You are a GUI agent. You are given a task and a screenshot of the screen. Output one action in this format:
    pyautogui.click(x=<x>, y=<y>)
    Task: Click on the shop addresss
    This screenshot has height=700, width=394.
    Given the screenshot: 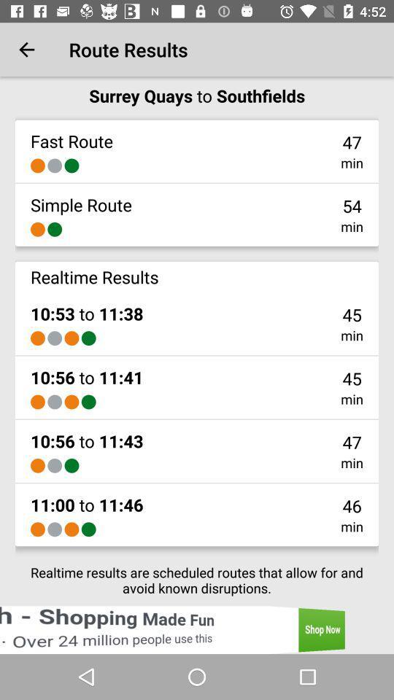 What is the action you would take?
    pyautogui.click(x=197, y=629)
    